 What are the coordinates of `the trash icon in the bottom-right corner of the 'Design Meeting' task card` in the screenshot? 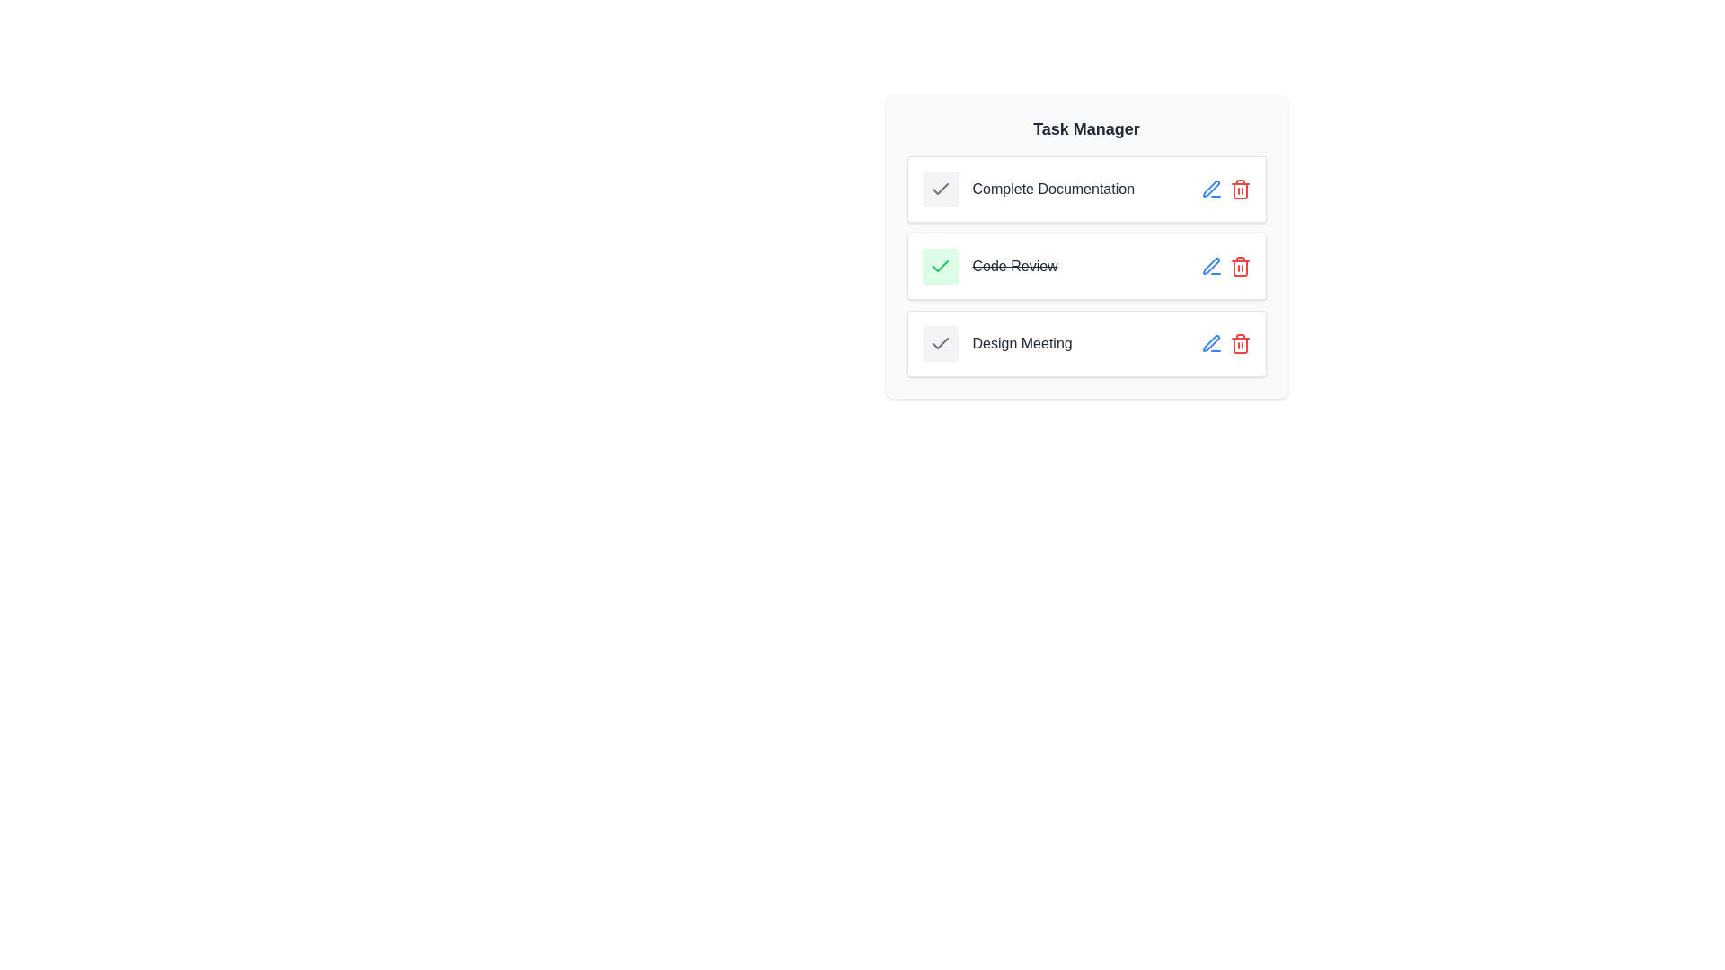 It's located at (1225, 343).